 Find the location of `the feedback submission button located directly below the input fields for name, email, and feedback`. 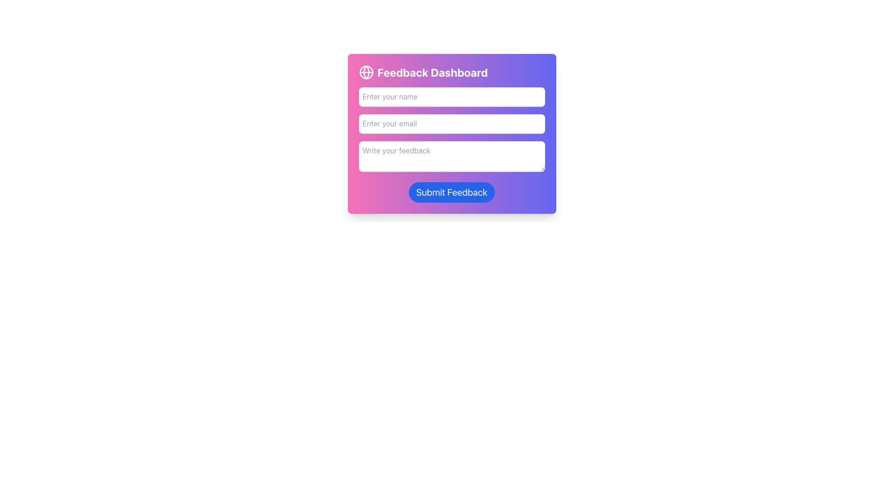

the feedback submission button located directly below the input fields for name, email, and feedback is located at coordinates (452, 192).